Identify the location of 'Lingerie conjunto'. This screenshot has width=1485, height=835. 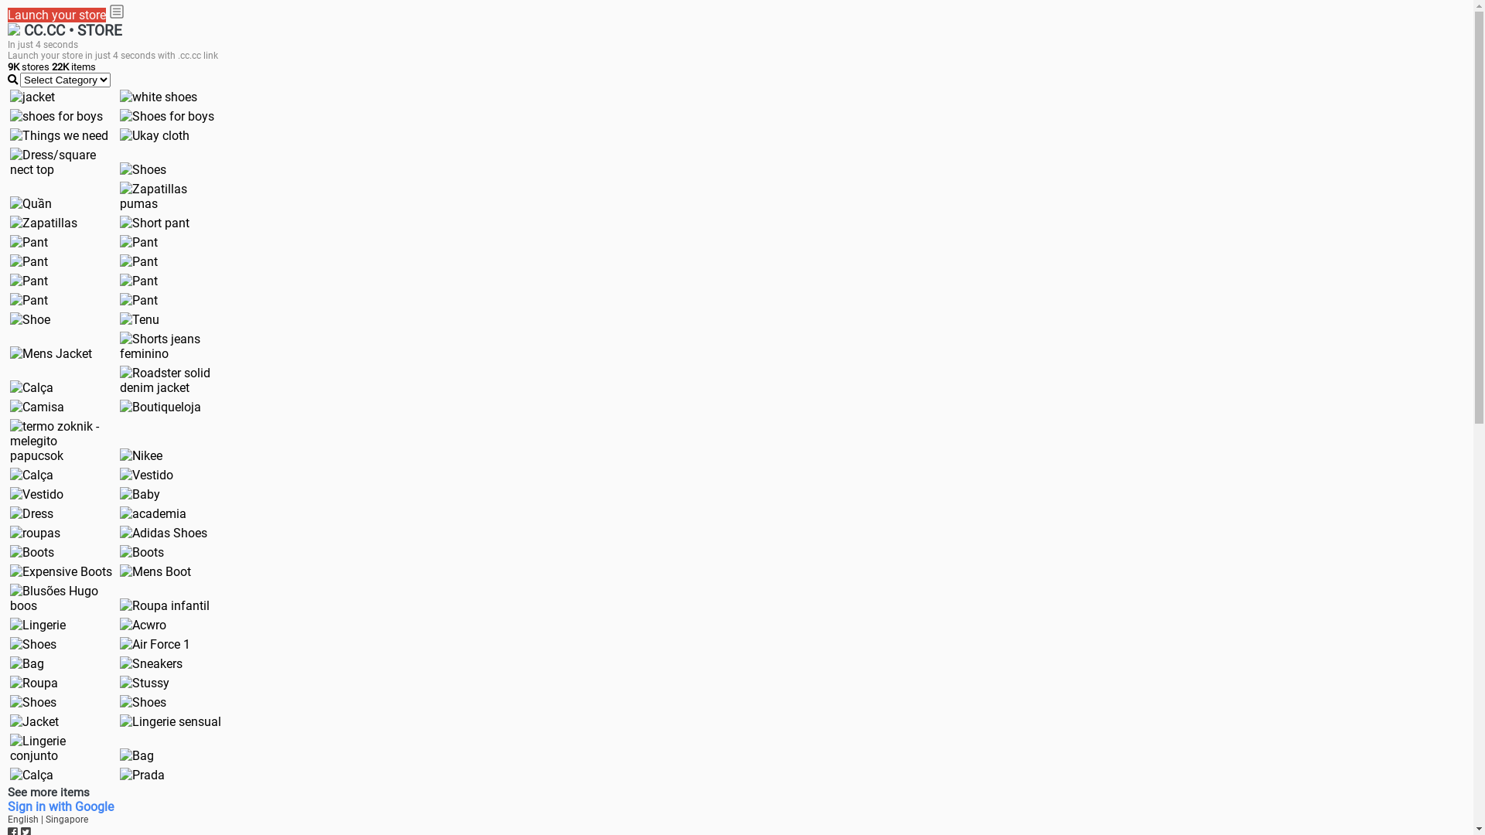
(60, 748).